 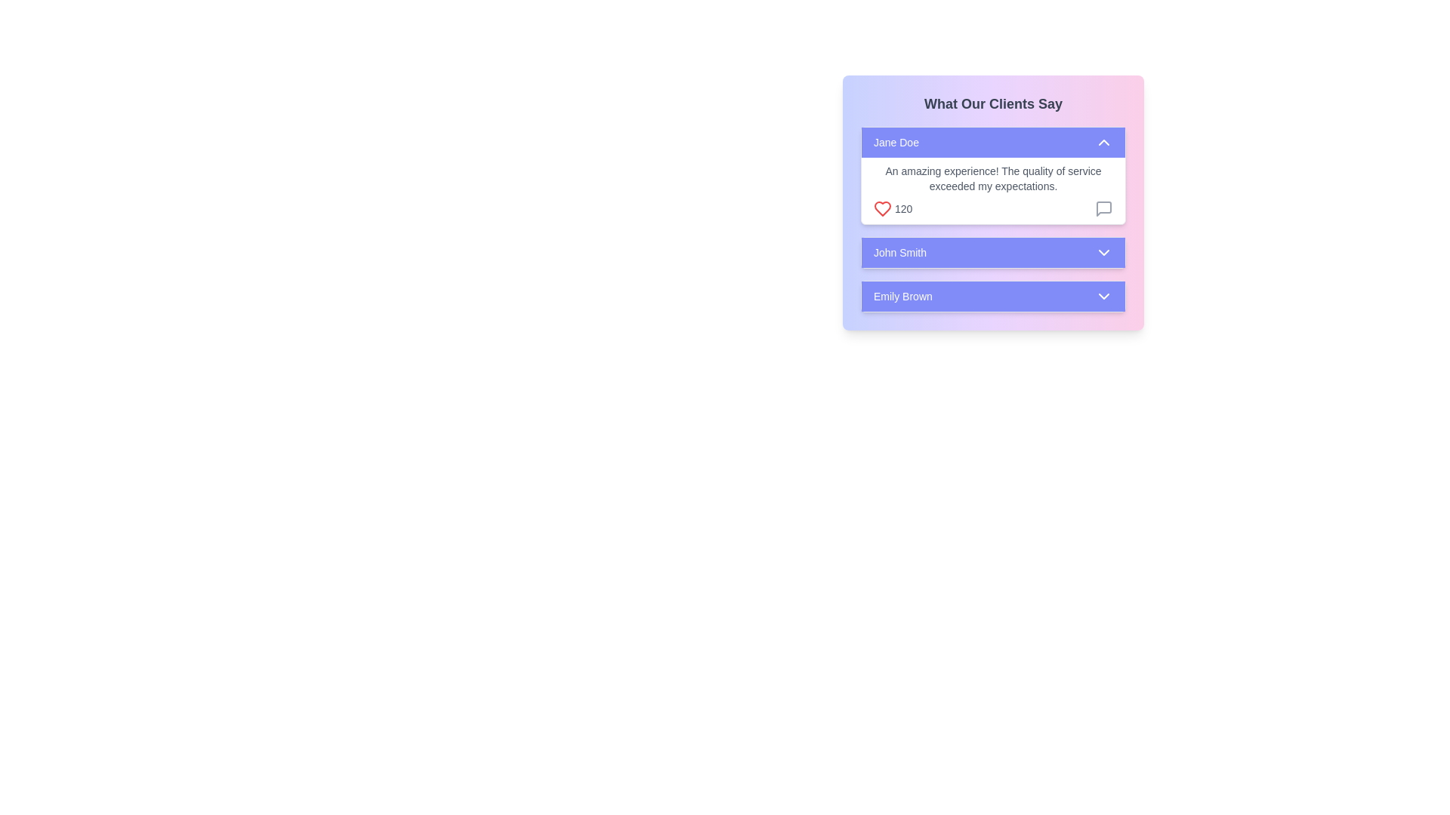 What do you see at coordinates (903, 209) in the screenshot?
I see `numerical text '120' displayed in standard font, located to the immediate right of a heart icon in the 'What Our Clients Say' section` at bounding box center [903, 209].